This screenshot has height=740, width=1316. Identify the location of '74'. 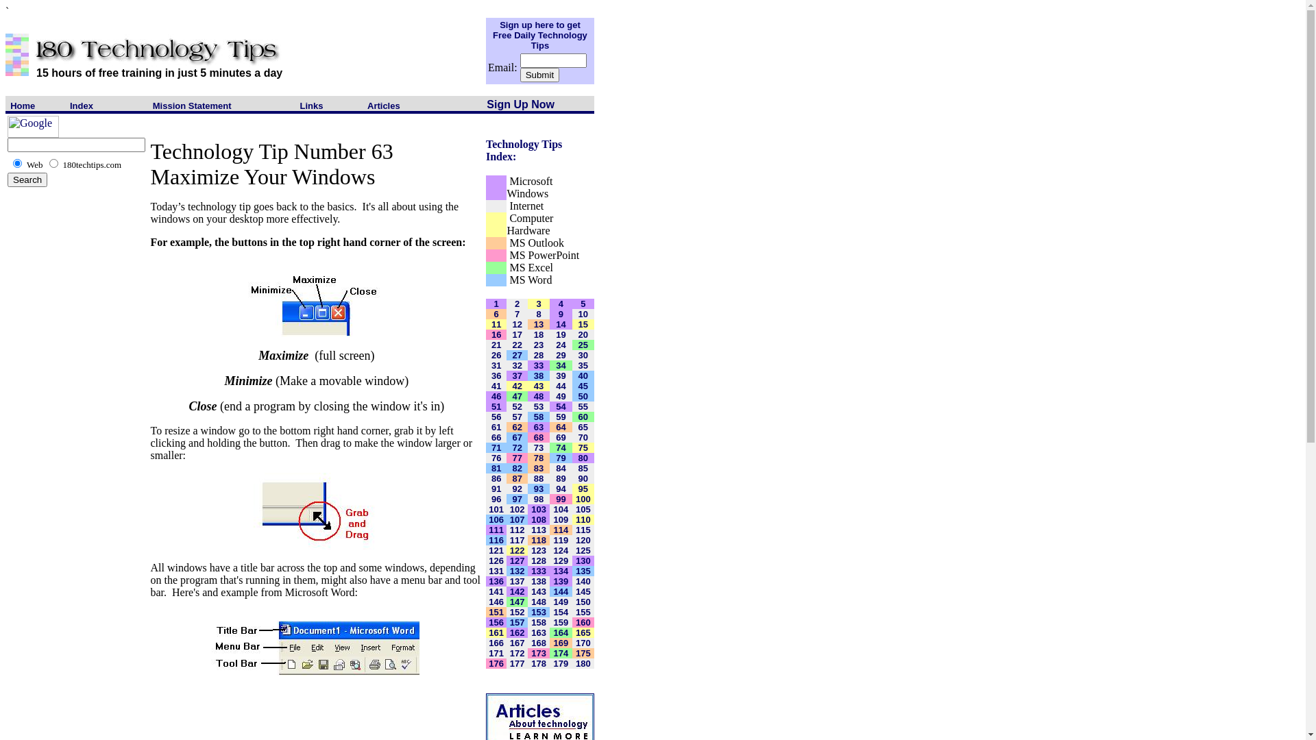
(560, 447).